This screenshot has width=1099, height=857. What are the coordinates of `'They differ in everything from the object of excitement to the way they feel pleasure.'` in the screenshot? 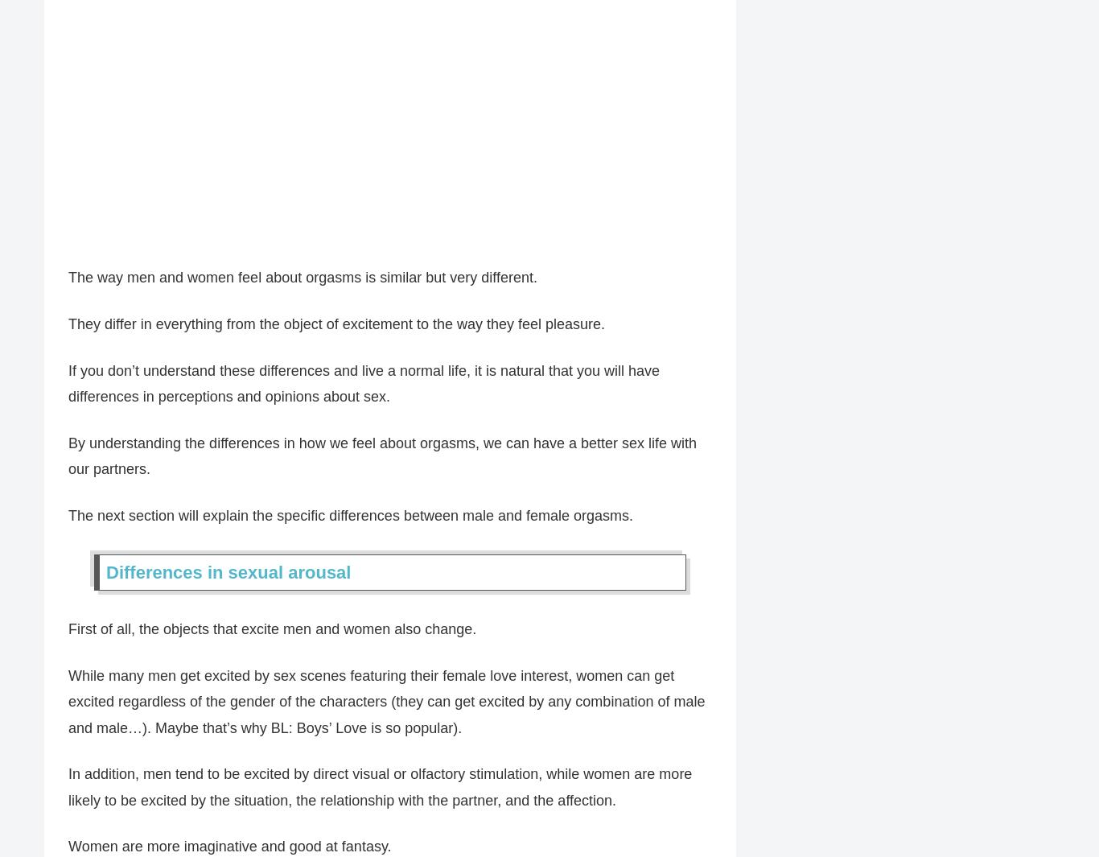 It's located at (68, 323).